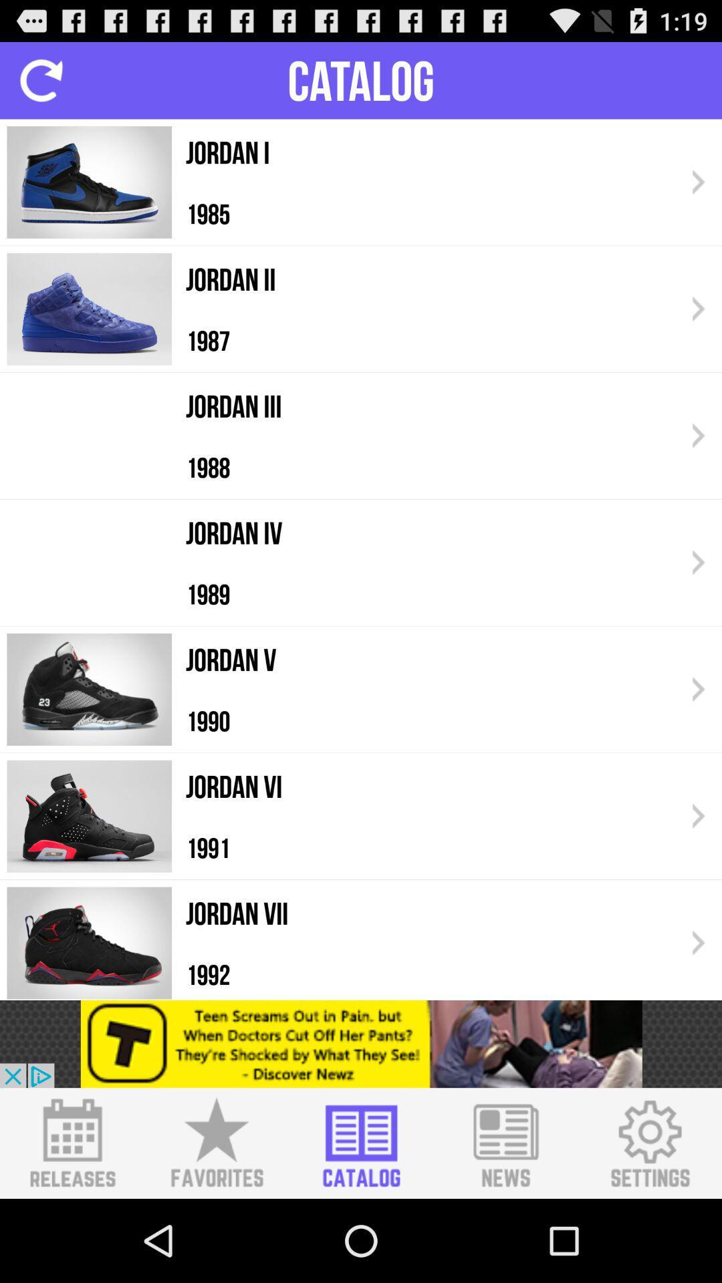 The image size is (722, 1283). I want to click on the date_range icon, so click(72, 1224).